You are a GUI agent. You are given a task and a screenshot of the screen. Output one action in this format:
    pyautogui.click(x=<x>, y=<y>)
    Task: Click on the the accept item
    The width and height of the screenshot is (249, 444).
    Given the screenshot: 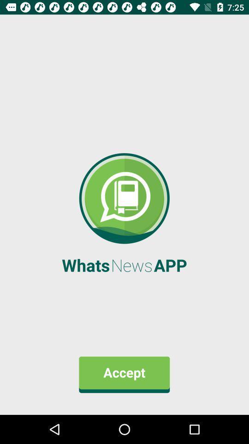 What is the action you would take?
    pyautogui.click(x=124, y=375)
    